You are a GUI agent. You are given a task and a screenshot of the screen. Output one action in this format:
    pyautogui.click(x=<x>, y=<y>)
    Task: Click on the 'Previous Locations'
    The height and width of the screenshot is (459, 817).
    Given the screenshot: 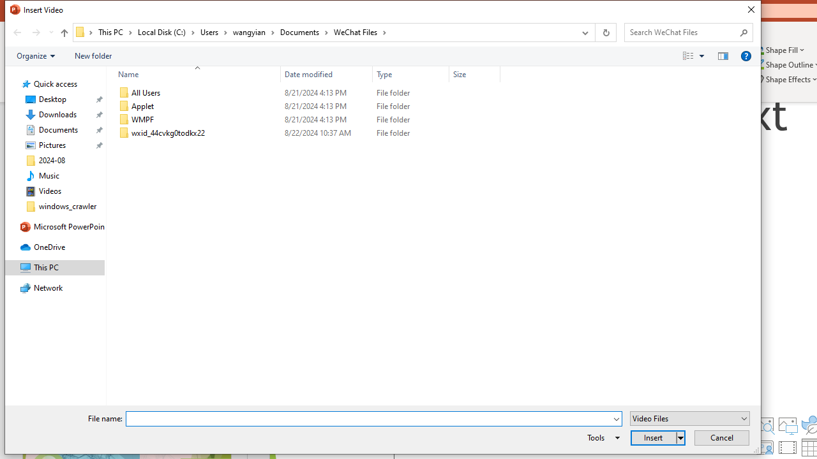 What is the action you would take?
    pyautogui.click(x=583, y=32)
    